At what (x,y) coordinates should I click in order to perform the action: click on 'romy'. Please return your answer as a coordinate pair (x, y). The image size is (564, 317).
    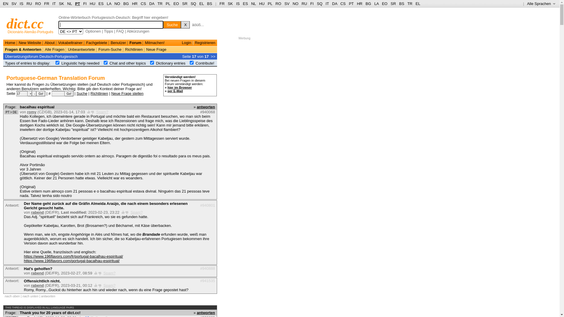
    Looking at the image, I should click on (31, 112).